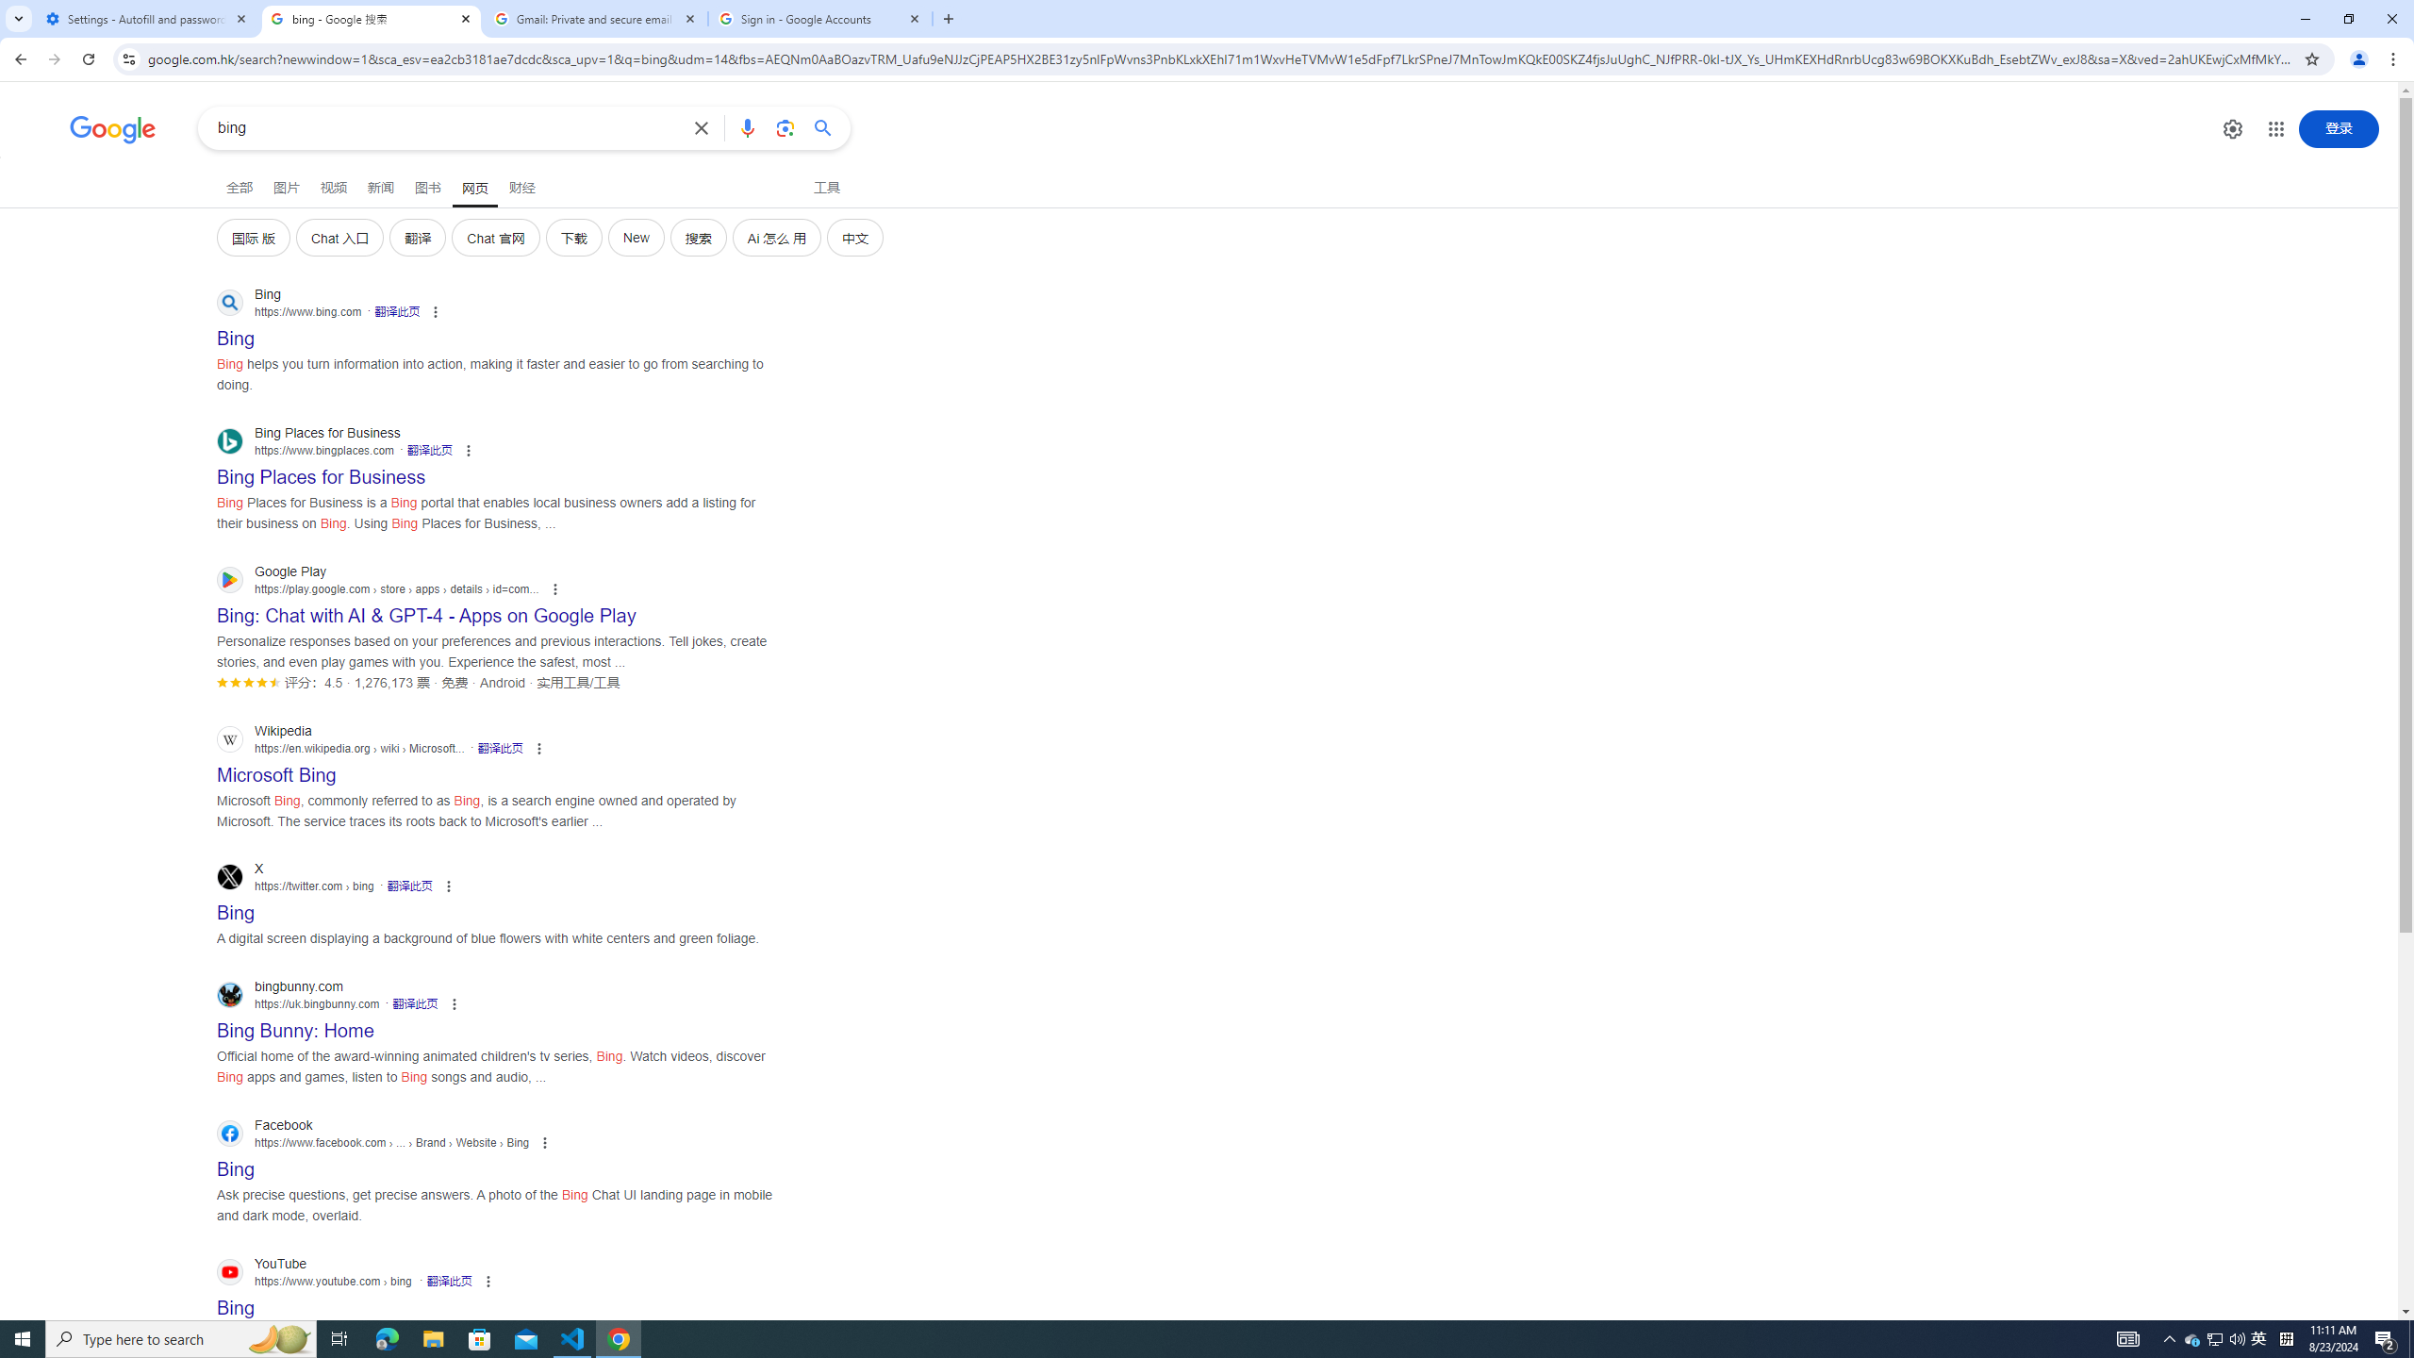  Describe the element at coordinates (146, 18) in the screenshot. I see `'Settings - Autofill and passwords'` at that location.